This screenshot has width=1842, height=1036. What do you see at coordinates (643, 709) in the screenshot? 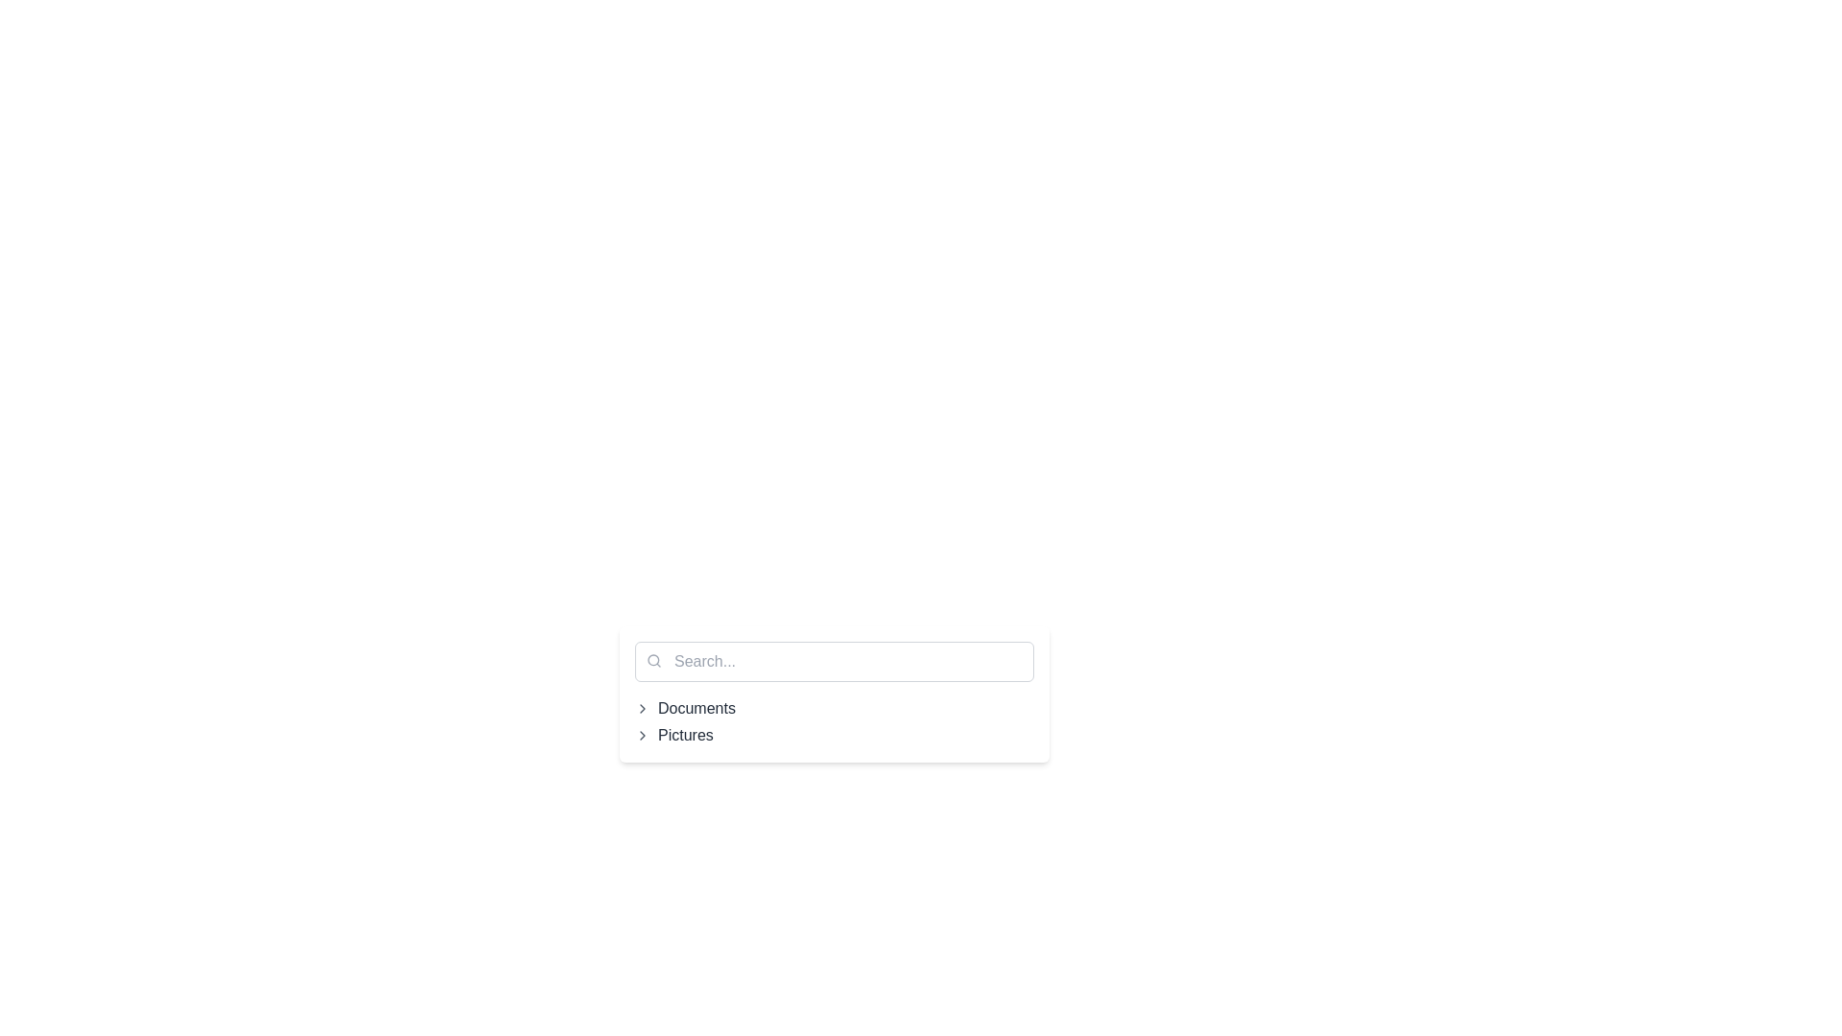
I see `the right-facing chevron icon located to the left of the 'Documents' text` at bounding box center [643, 709].